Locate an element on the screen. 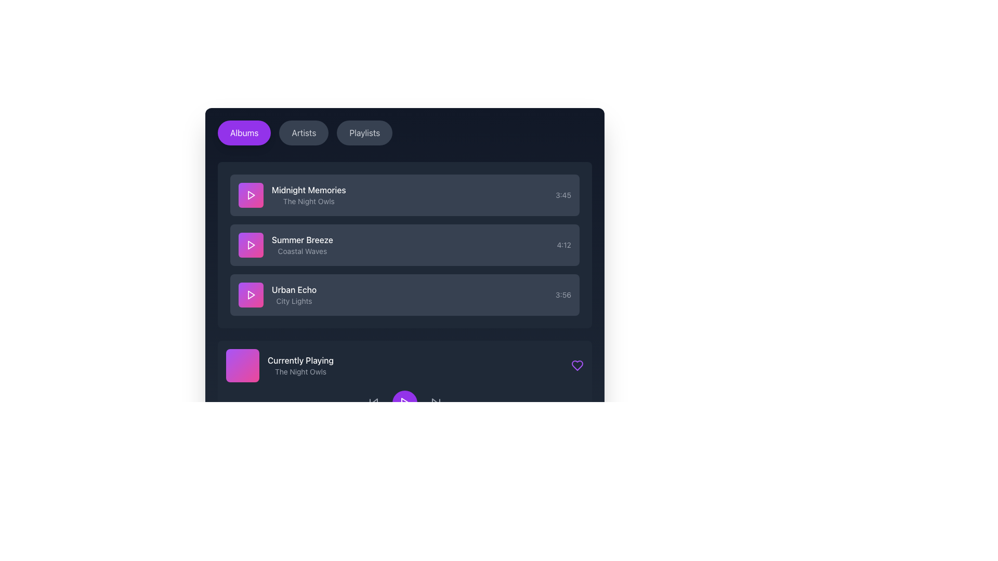 The width and height of the screenshot is (998, 561). to select the second item in the music library or playlist interface, which displays the title and artist of a song and includes a play button is located at coordinates (285, 245).